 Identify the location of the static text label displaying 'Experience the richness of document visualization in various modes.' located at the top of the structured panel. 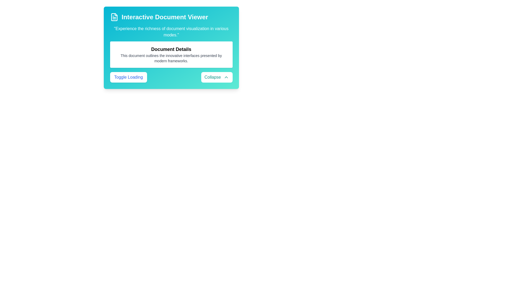
(171, 32).